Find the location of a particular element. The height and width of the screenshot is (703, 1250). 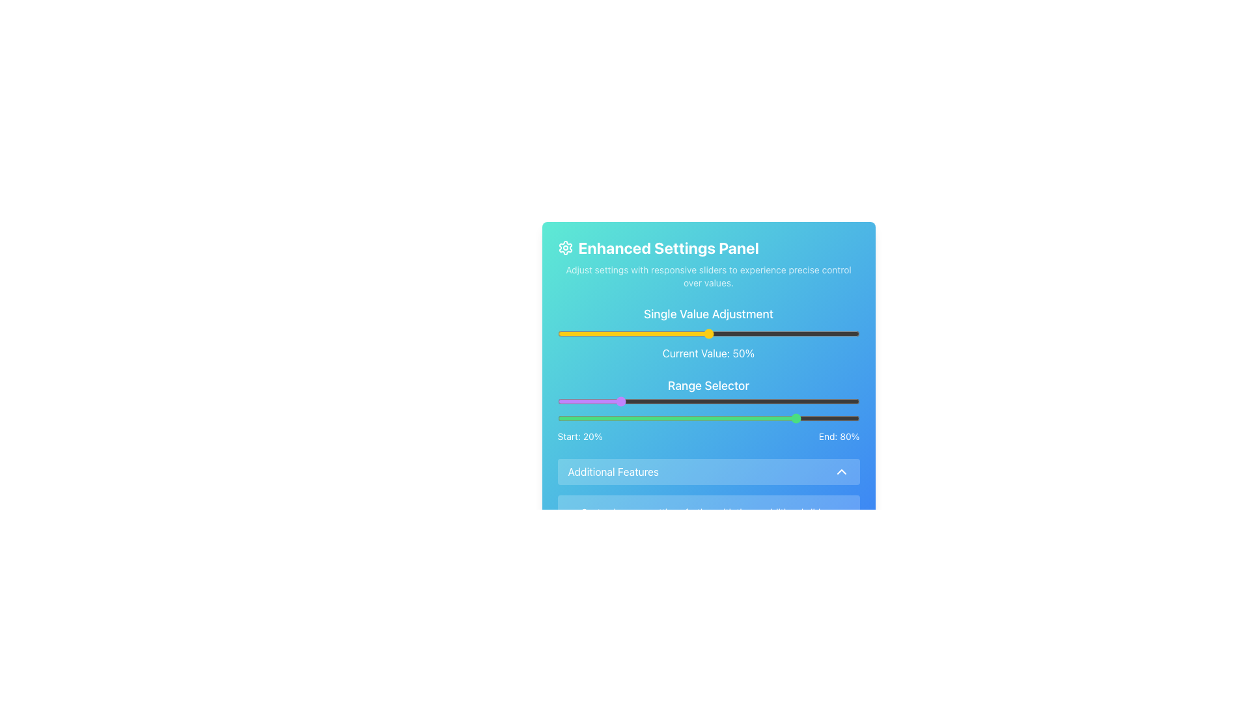

the decorative settings icon located near the top-left corner of the interface, adjacent to the title 'Enhanced Settings Panel' is located at coordinates (565, 248).